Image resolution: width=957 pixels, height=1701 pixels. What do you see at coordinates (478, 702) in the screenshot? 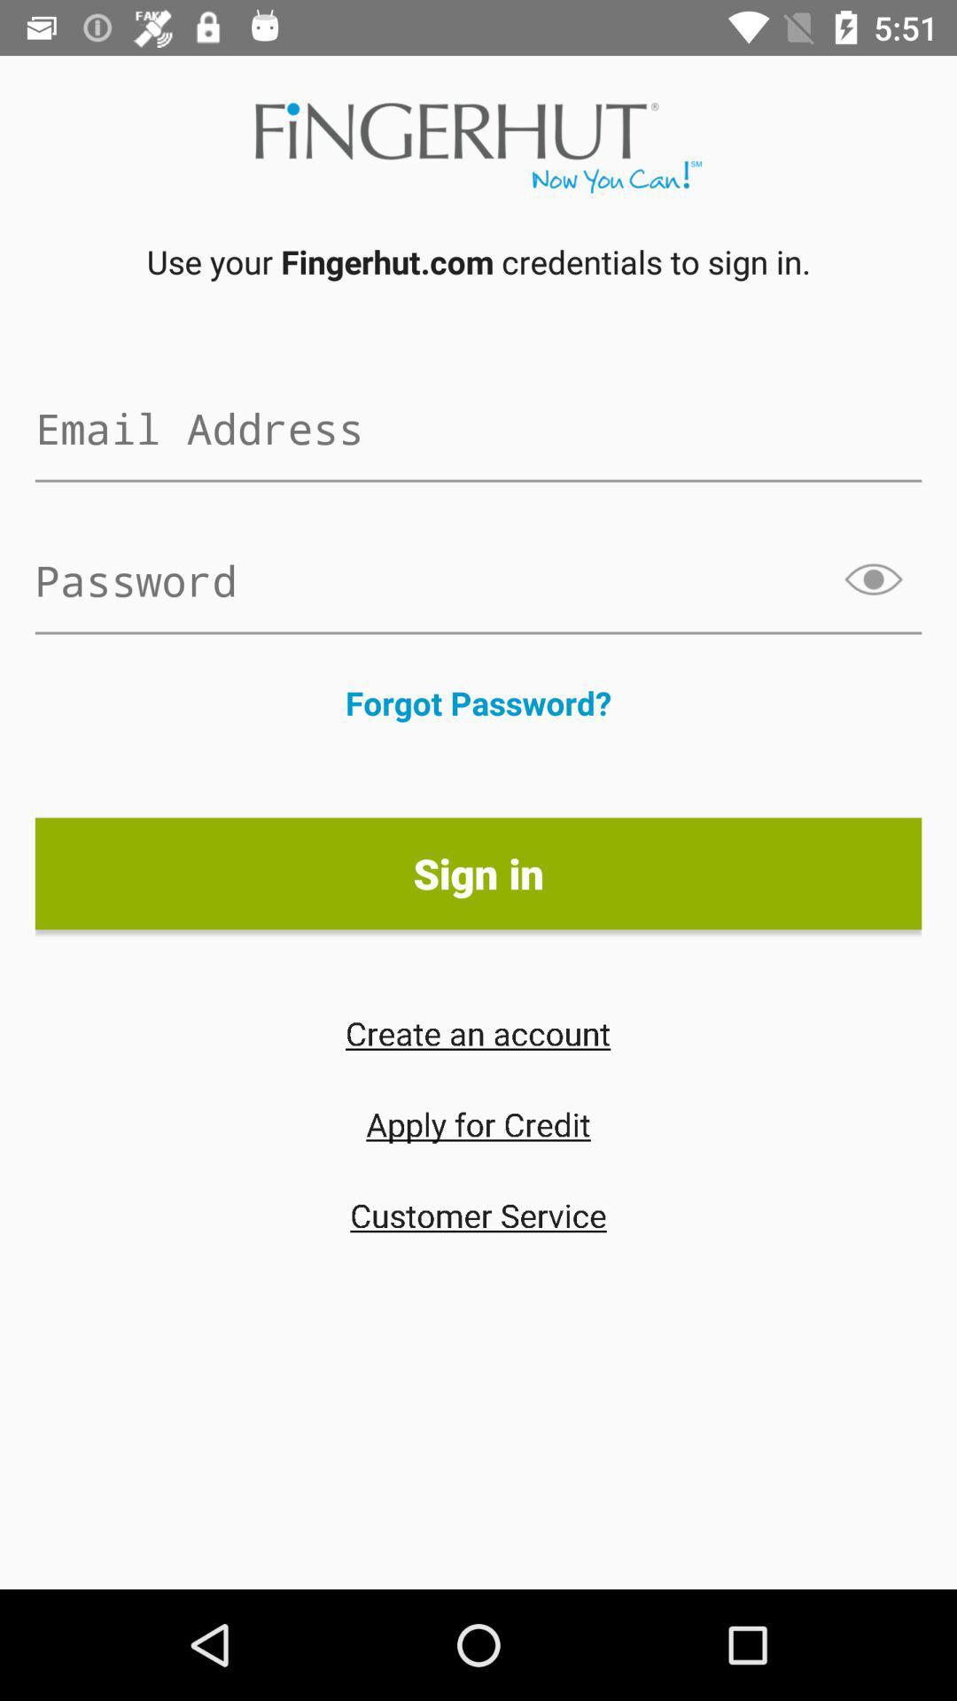
I see `the item above the sign in item` at bounding box center [478, 702].